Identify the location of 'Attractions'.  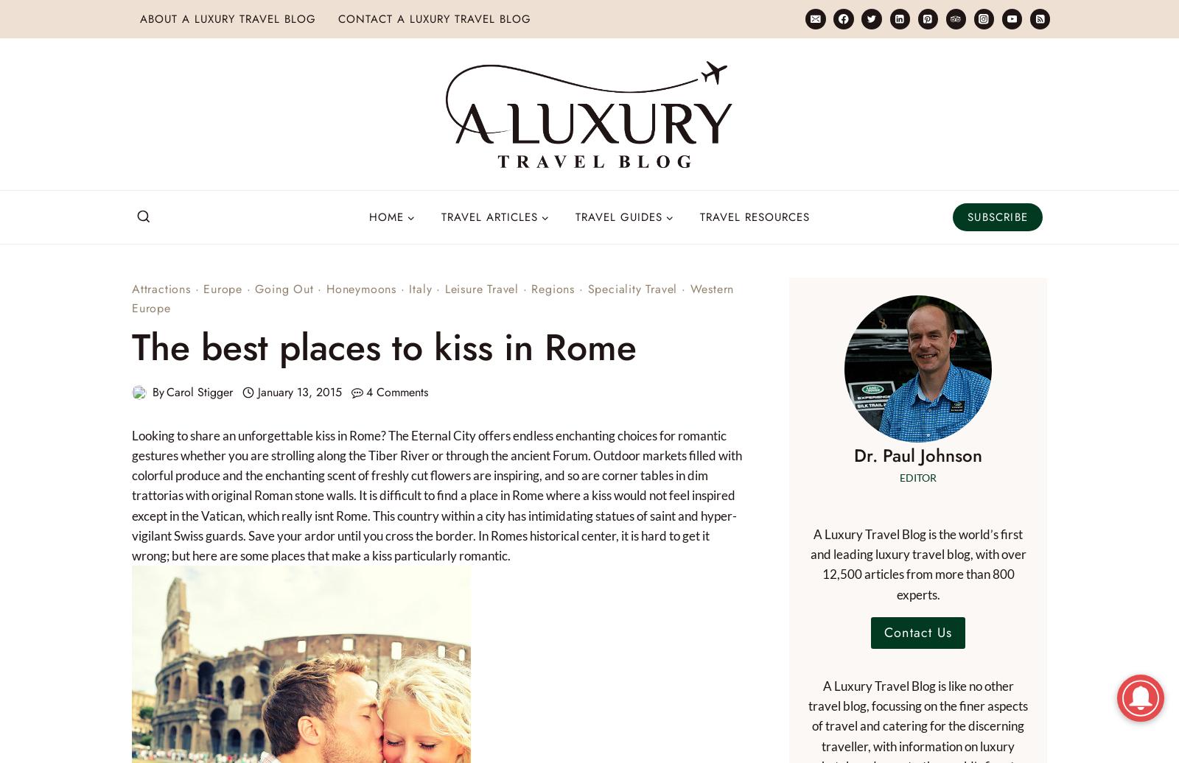
(131, 289).